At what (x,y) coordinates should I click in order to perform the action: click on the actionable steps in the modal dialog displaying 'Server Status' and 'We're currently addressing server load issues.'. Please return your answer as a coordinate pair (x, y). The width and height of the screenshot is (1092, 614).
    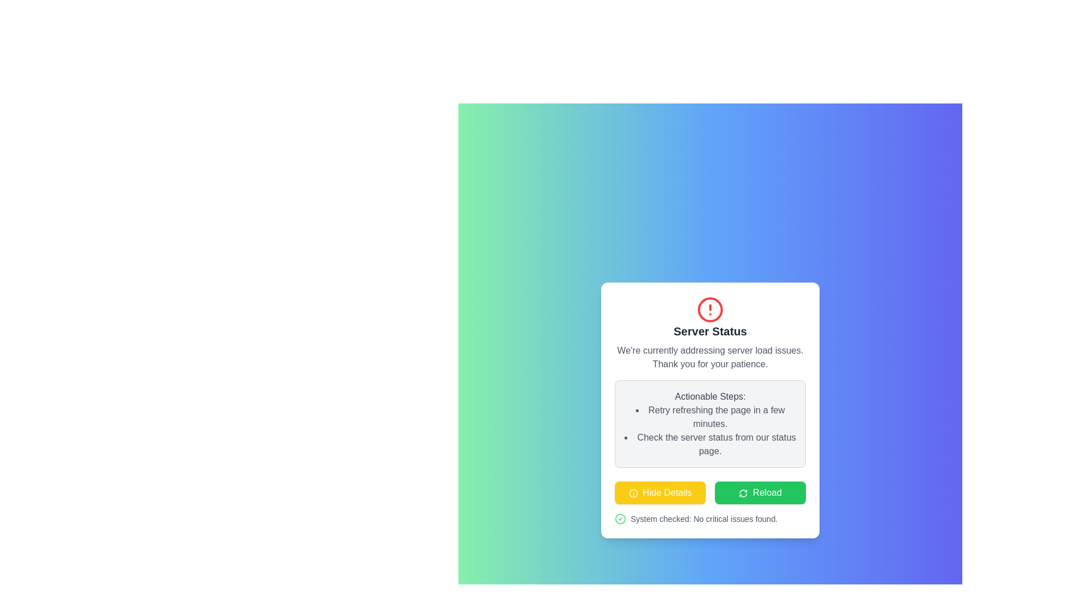
    Looking at the image, I should click on (709, 410).